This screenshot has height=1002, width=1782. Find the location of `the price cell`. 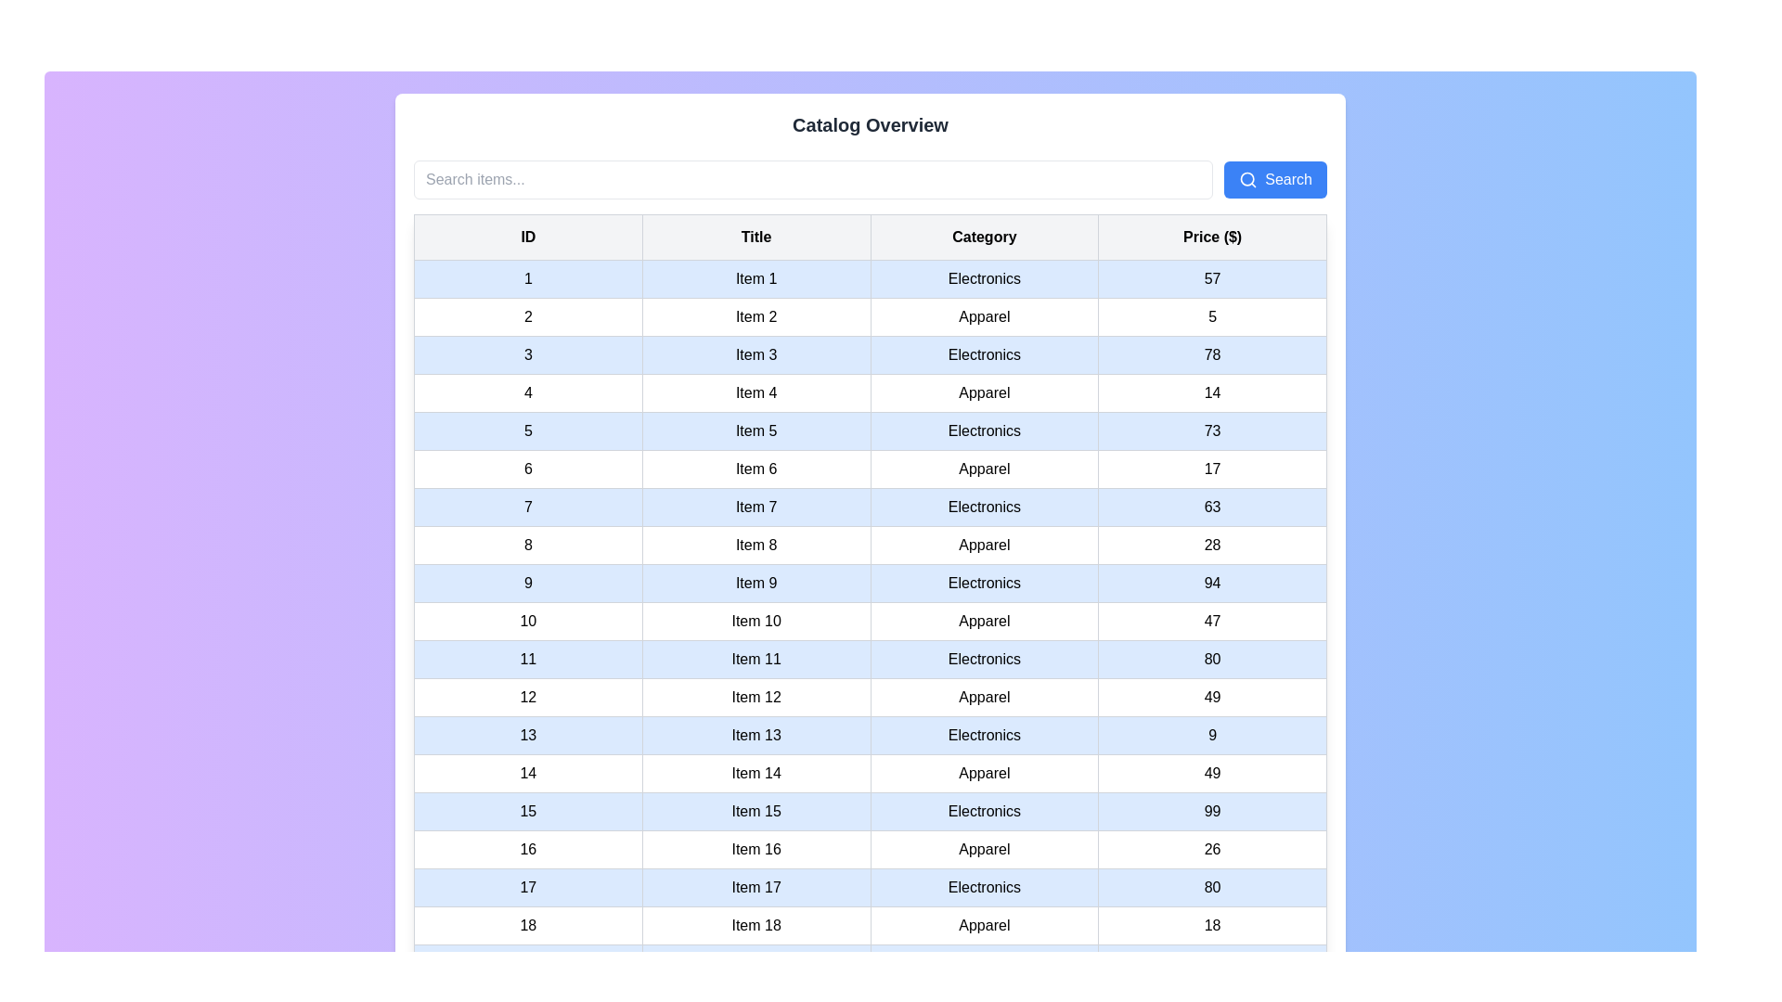

the price cell is located at coordinates (1211, 849).